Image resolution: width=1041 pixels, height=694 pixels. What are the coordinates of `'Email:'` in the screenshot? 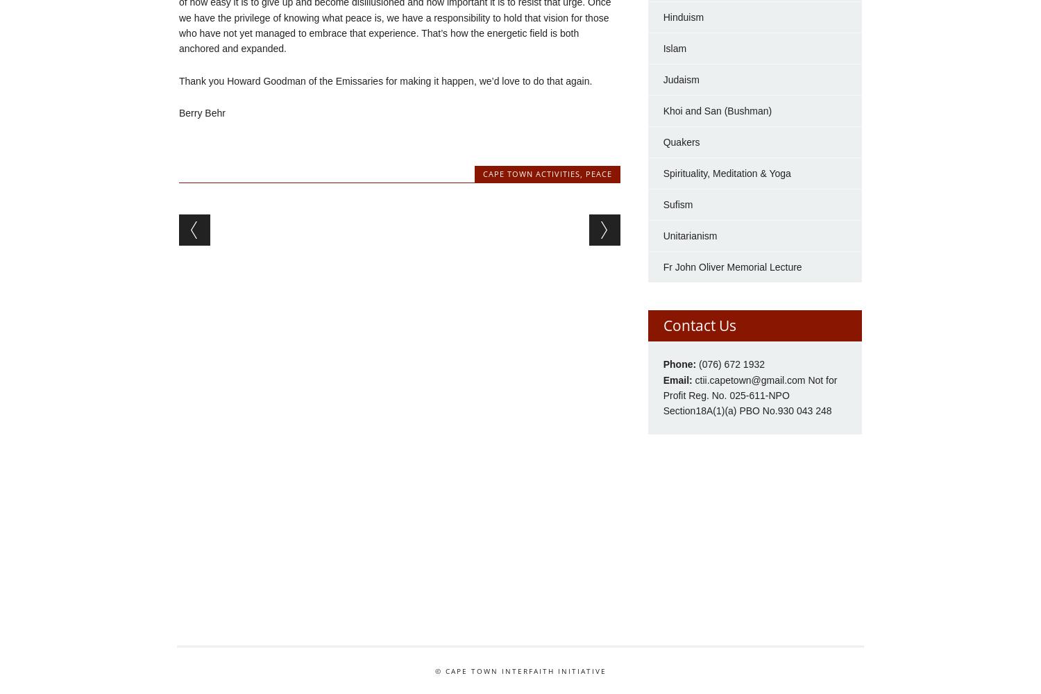 It's located at (662, 380).